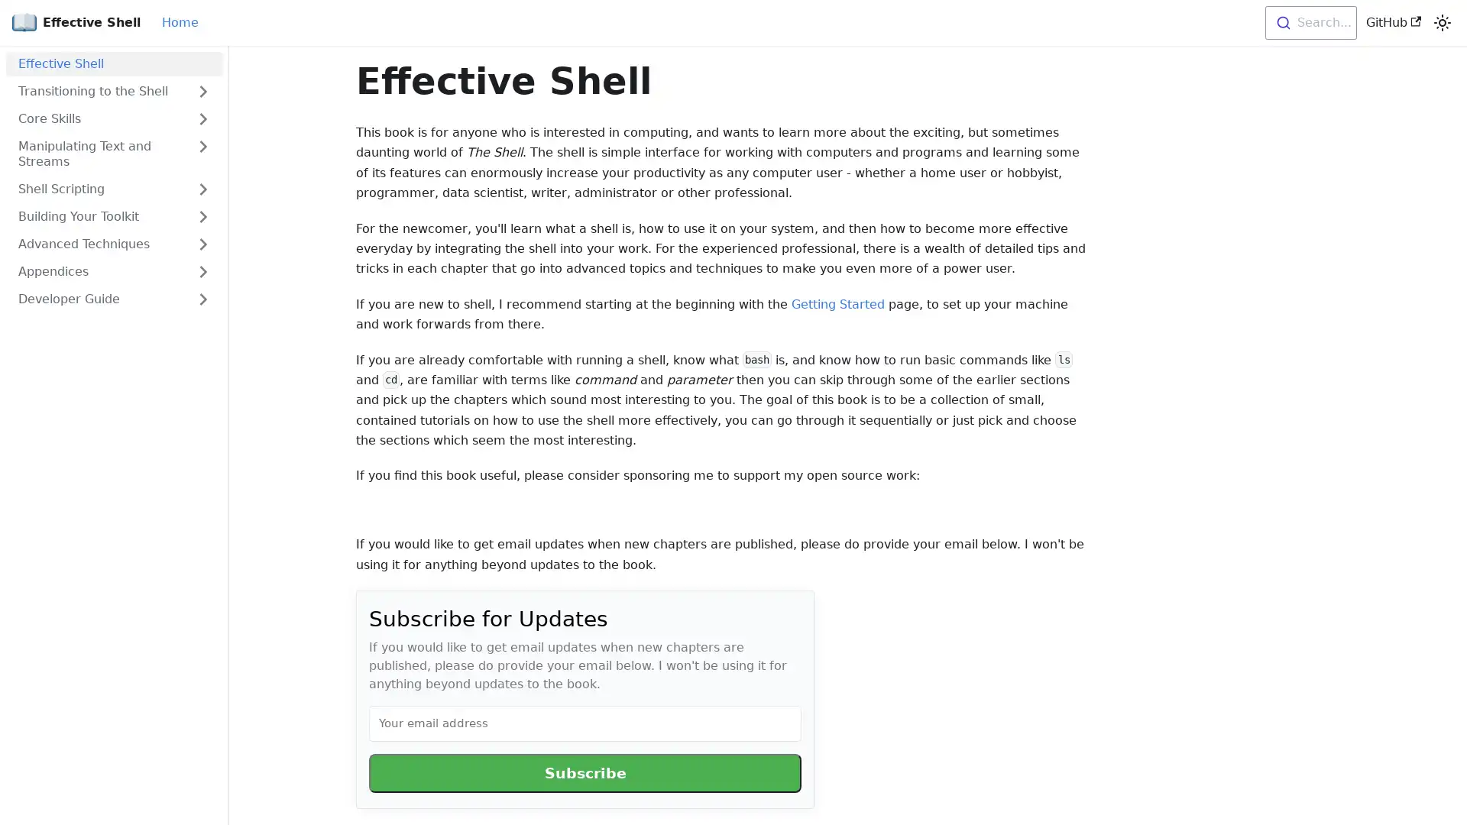  Describe the element at coordinates (202, 154) in the screenshot. I see `Toggle the collapsible sidebar category 'Manipulating Text and Streams'` at that location.